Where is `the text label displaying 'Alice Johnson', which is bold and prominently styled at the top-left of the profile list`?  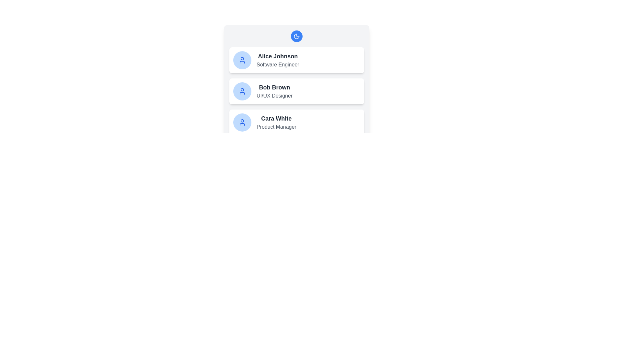 the text label displaying 'Alice Johnson', which is bold and prominently styled at the top-left of the profile list is located at coordinates (278, 56).